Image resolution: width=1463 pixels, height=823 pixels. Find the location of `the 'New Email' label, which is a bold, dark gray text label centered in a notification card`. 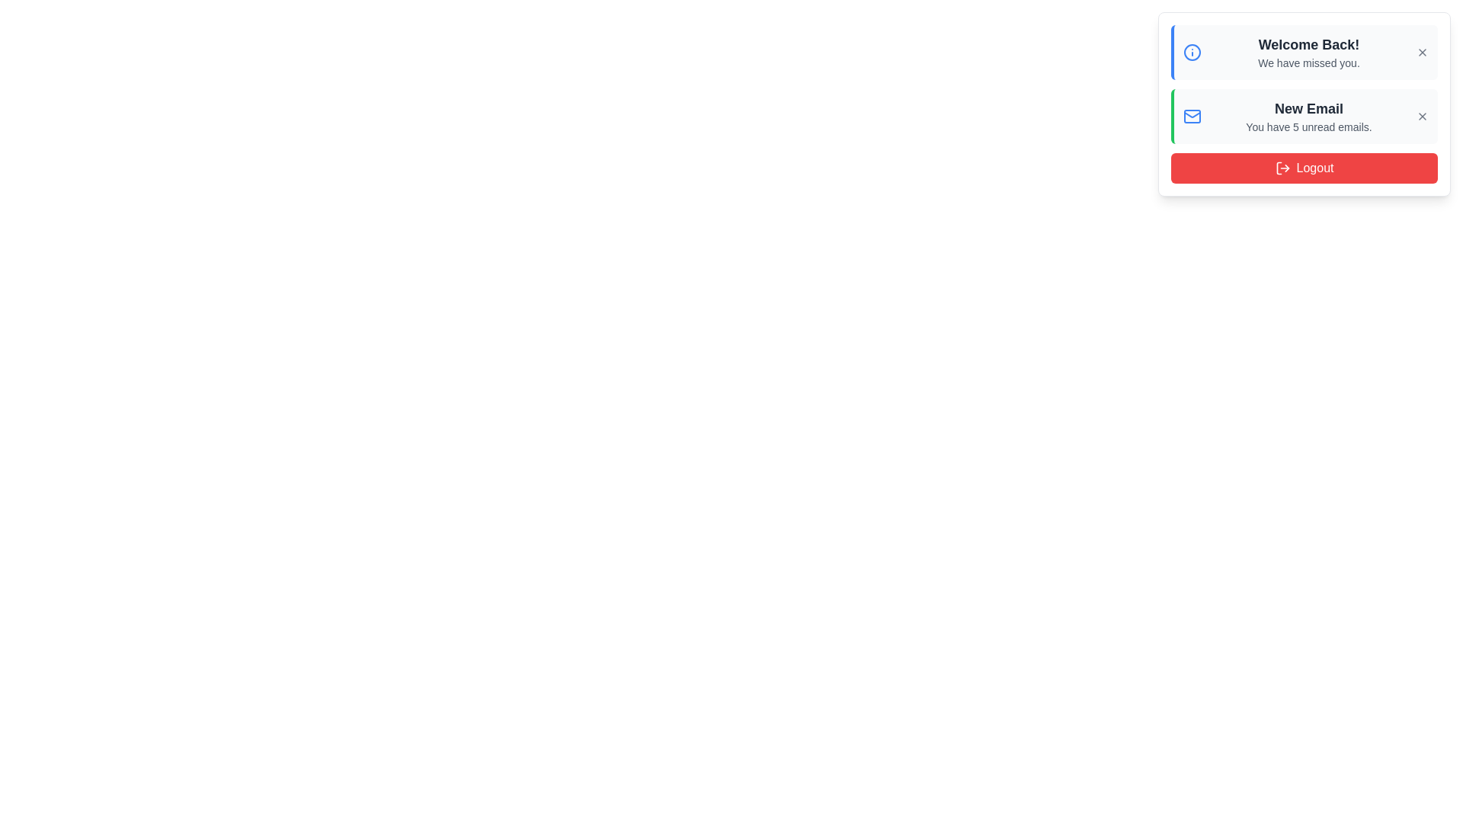

the 'New Email' label, which is a bold, dark gray text label centered in a notification card is located at coordinates (1308, 107).